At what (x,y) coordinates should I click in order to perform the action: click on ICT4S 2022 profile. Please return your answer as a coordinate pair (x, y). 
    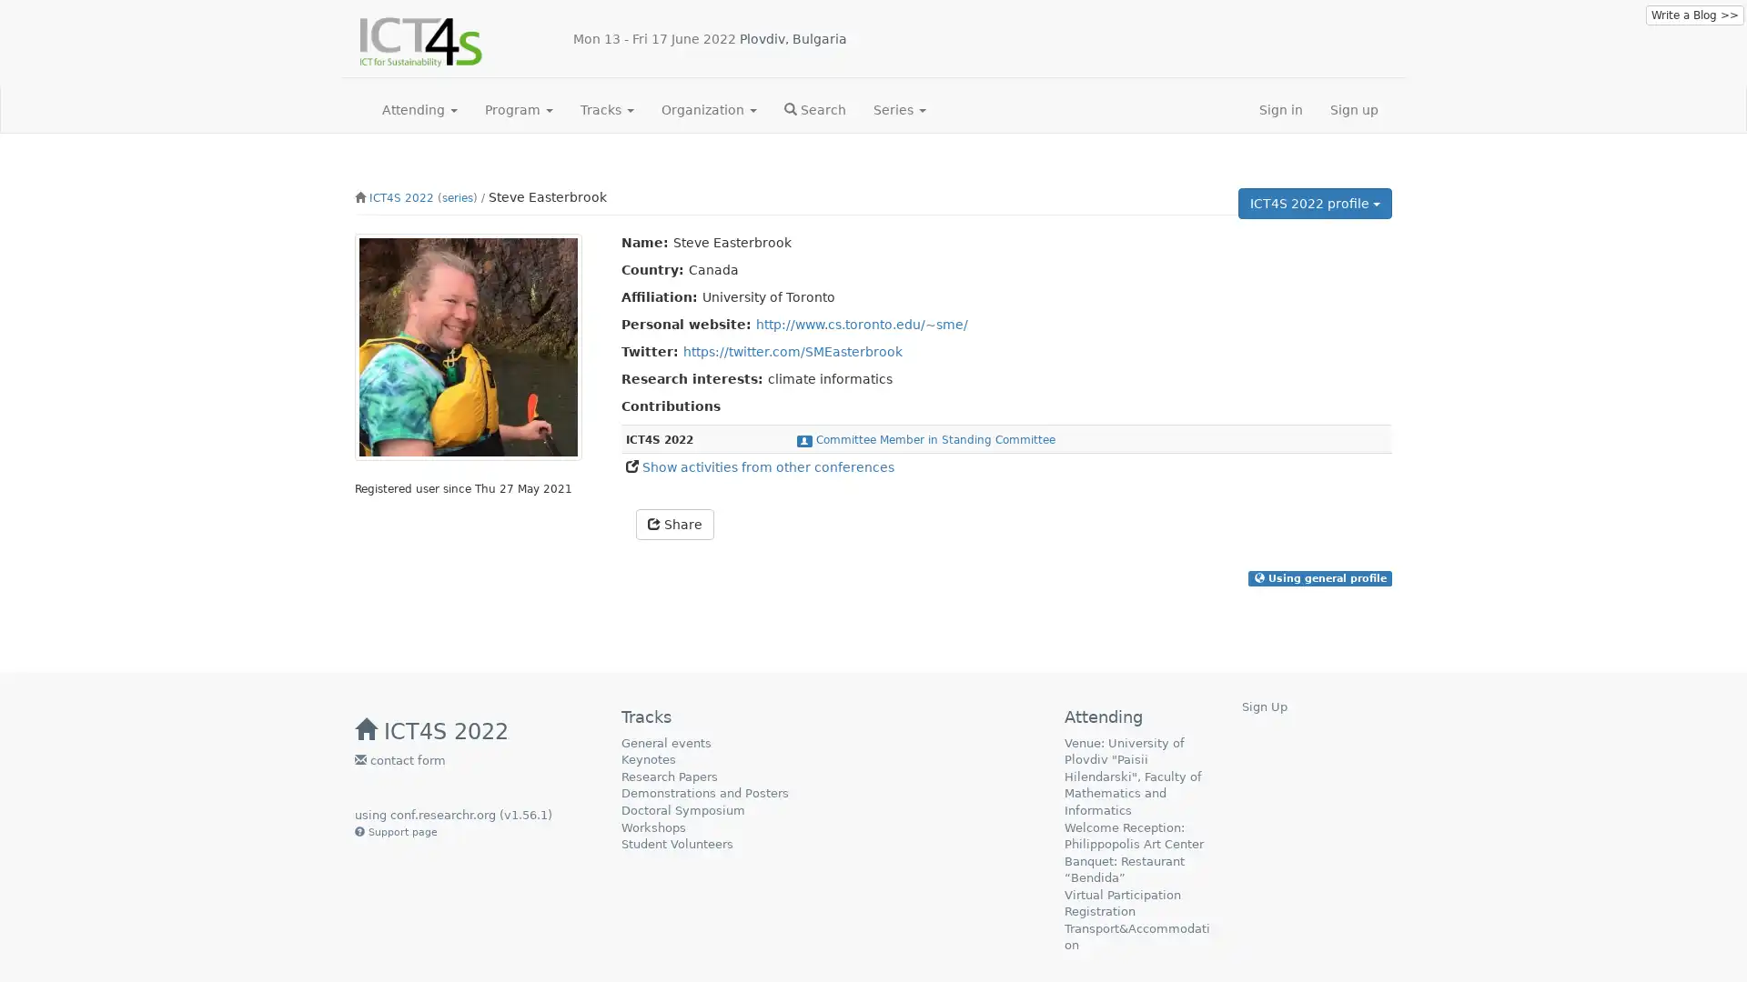
    Looking at the image, I should click on (1315, 203).